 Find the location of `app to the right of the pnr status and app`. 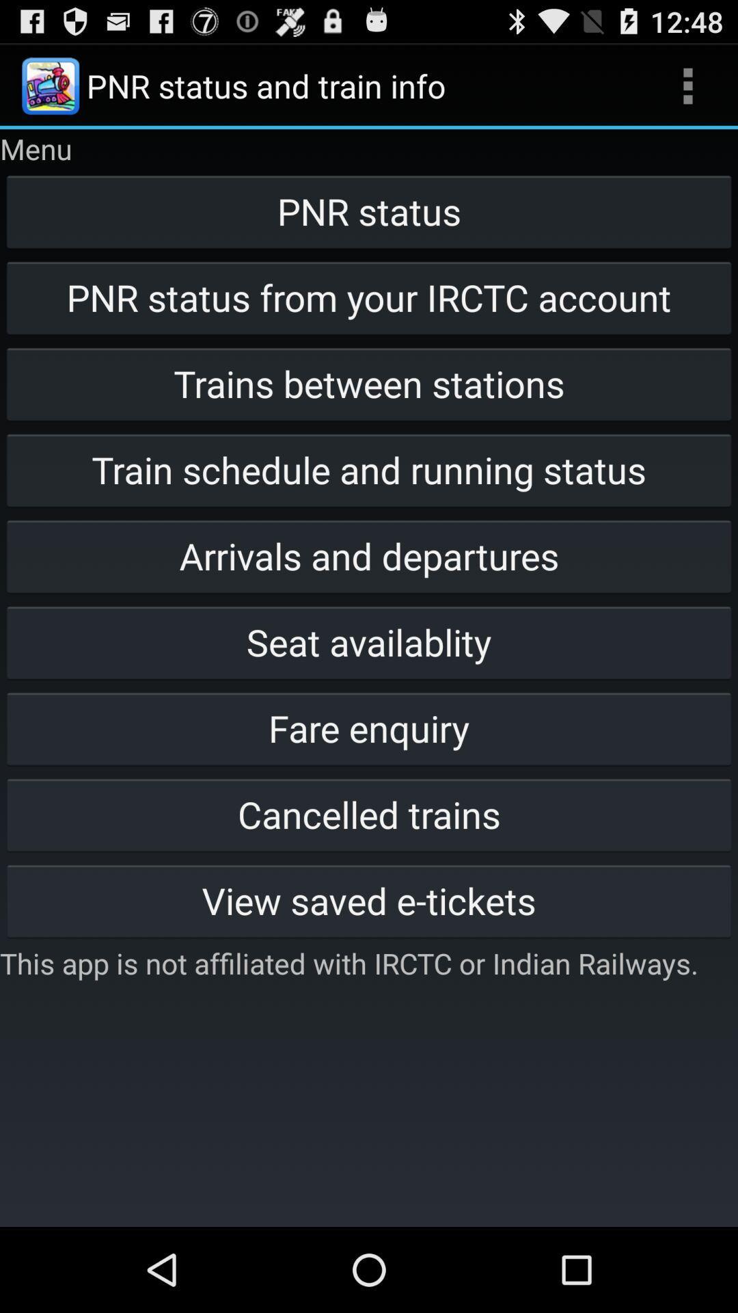

app to the right of the pnr status and app is located at coordinates (687, 85).